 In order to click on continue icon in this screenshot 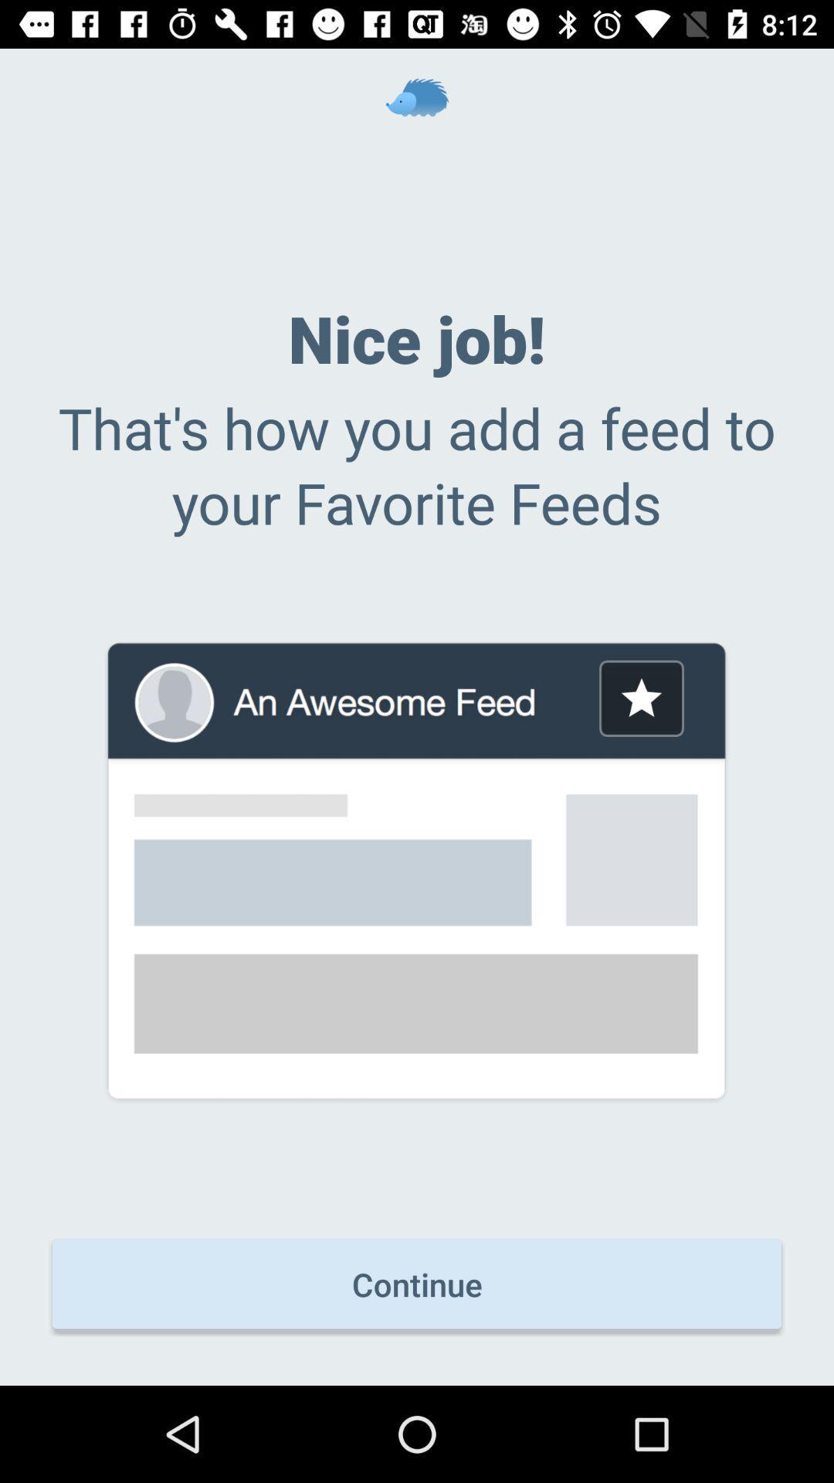, I will do `click(417, 1284)`.